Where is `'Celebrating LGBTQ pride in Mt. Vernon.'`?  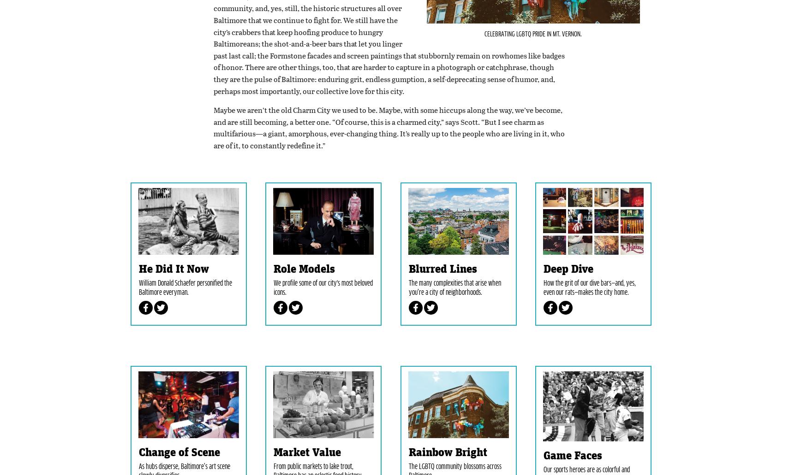 'Celebrating LGBTQ pride in Mt. Vernon.' is located at coordinates (484, 77).